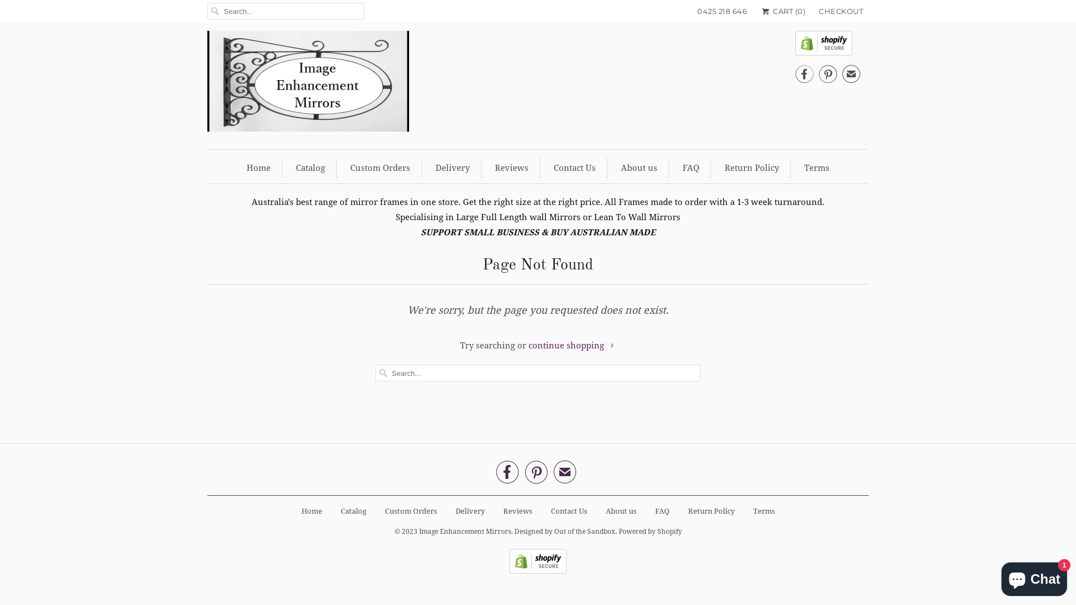 This screenshot has height=605, width=1076. Describe the element at coordinates (1033, 576) in the screenshot. I see `'Shopify online store chat'` at that location.